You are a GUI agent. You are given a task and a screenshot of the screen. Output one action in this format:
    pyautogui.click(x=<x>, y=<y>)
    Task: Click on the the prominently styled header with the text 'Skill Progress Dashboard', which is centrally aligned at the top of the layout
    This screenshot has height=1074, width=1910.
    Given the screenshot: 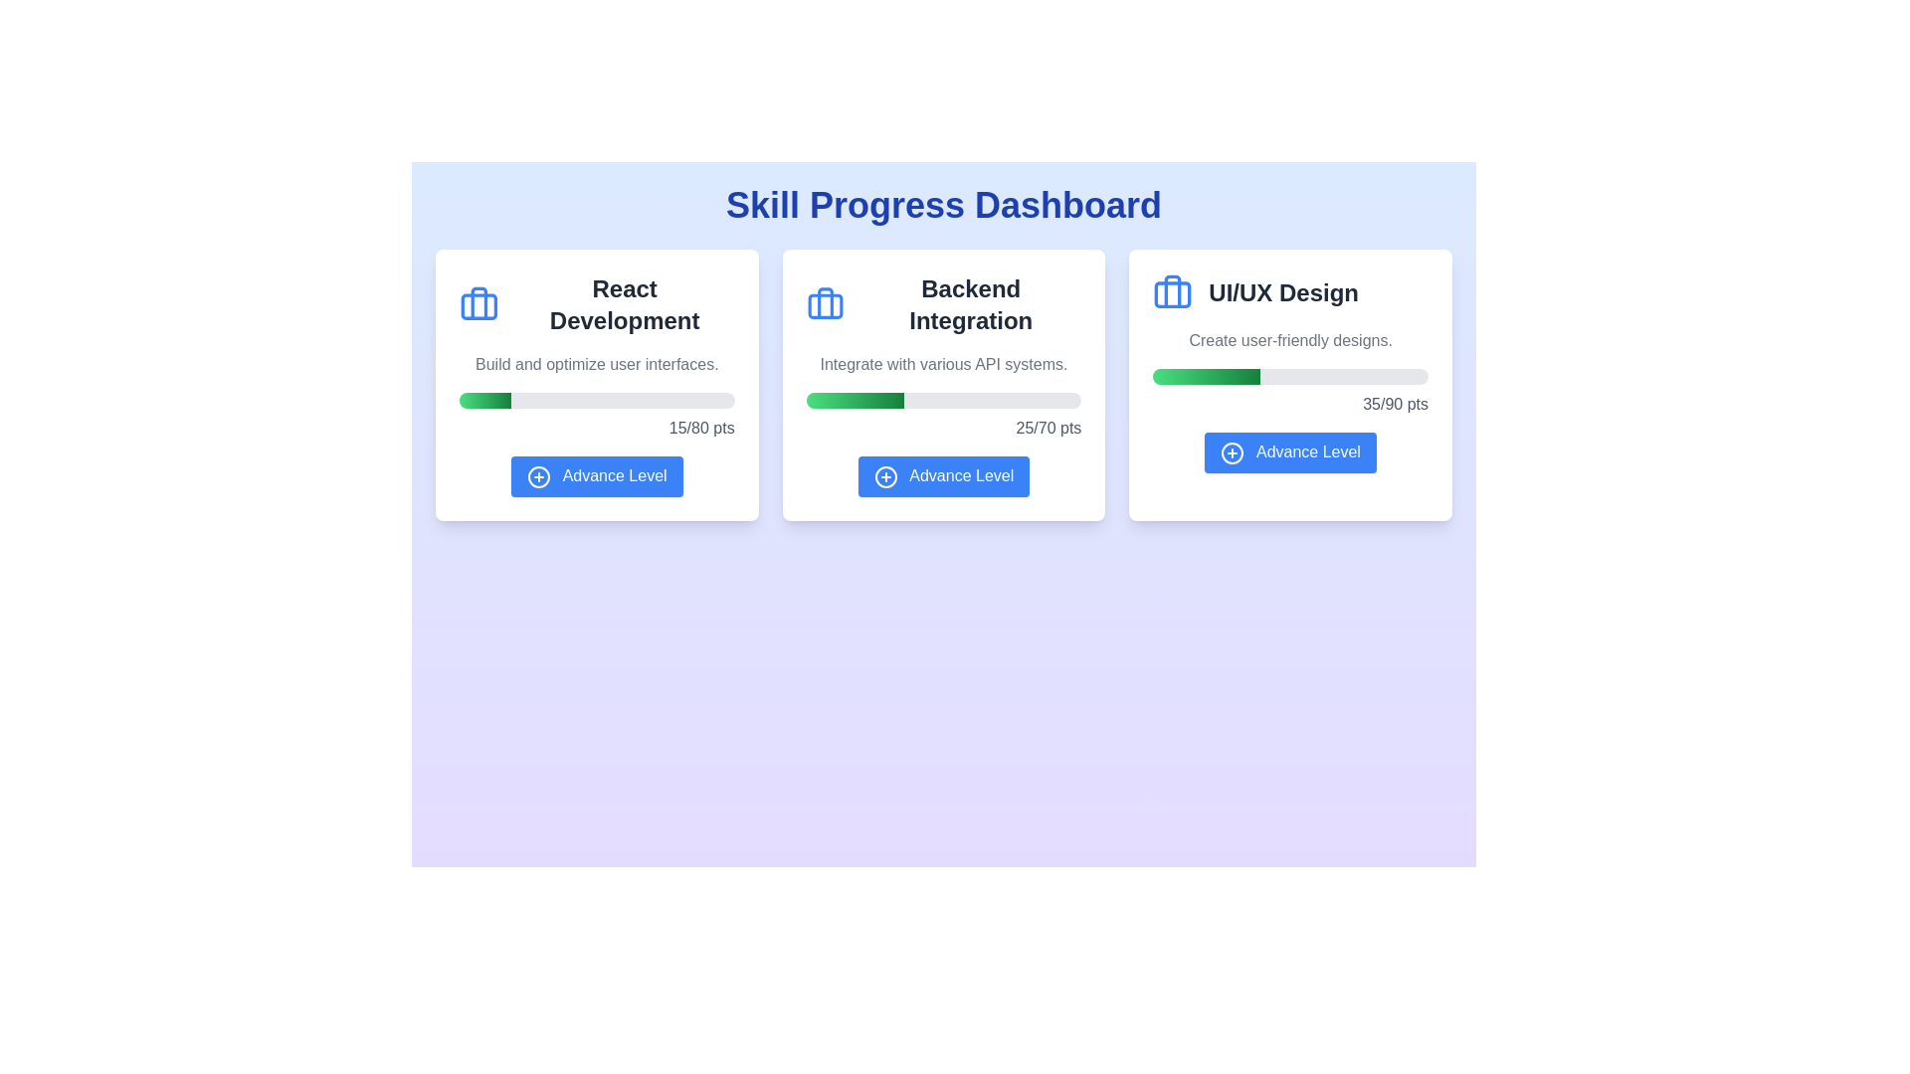 What is the action you would take?
    pyautogui.click(x=943, y=206)
    